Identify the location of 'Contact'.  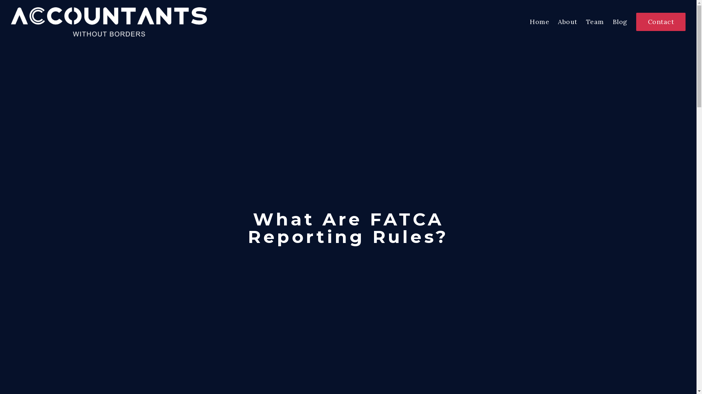
(635, 22).